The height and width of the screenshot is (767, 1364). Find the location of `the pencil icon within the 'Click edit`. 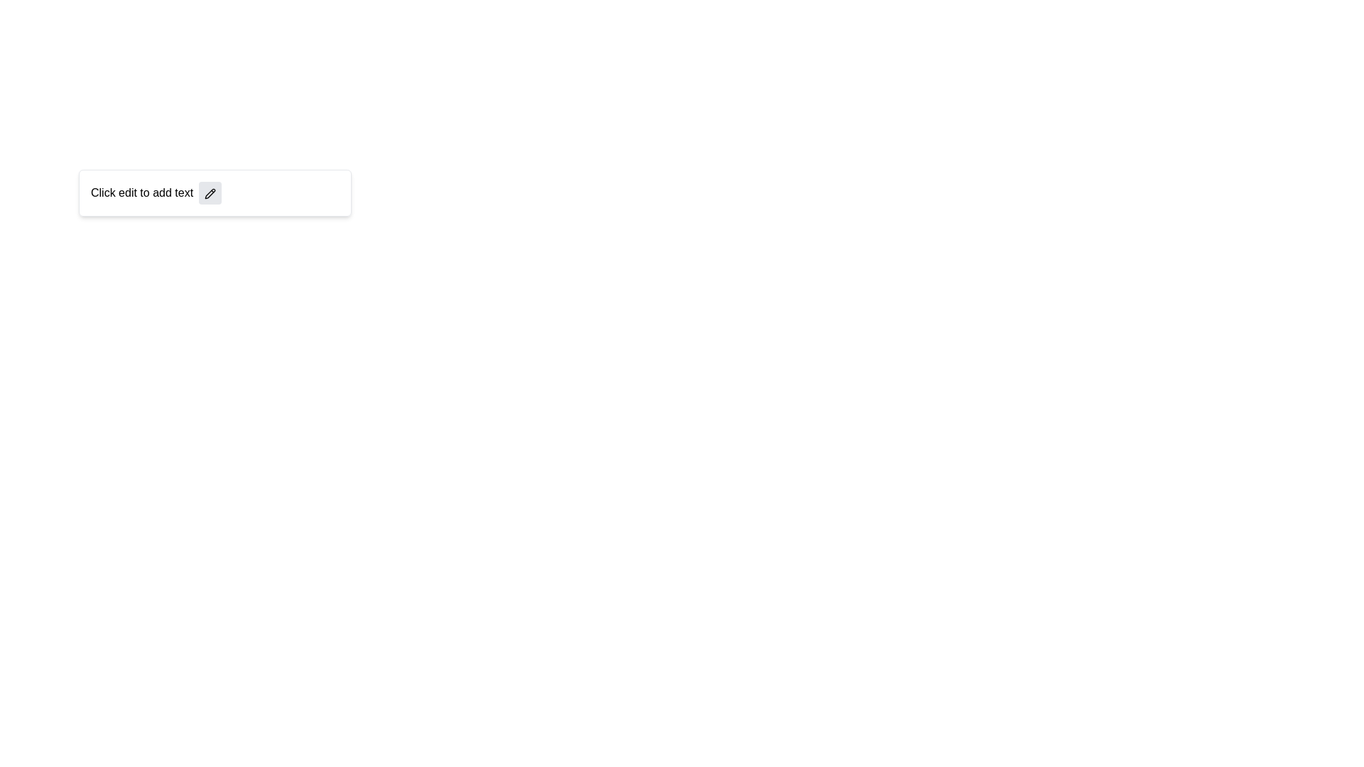

the pencil icon within the 'Click edit is located at coordinates (214, 193).